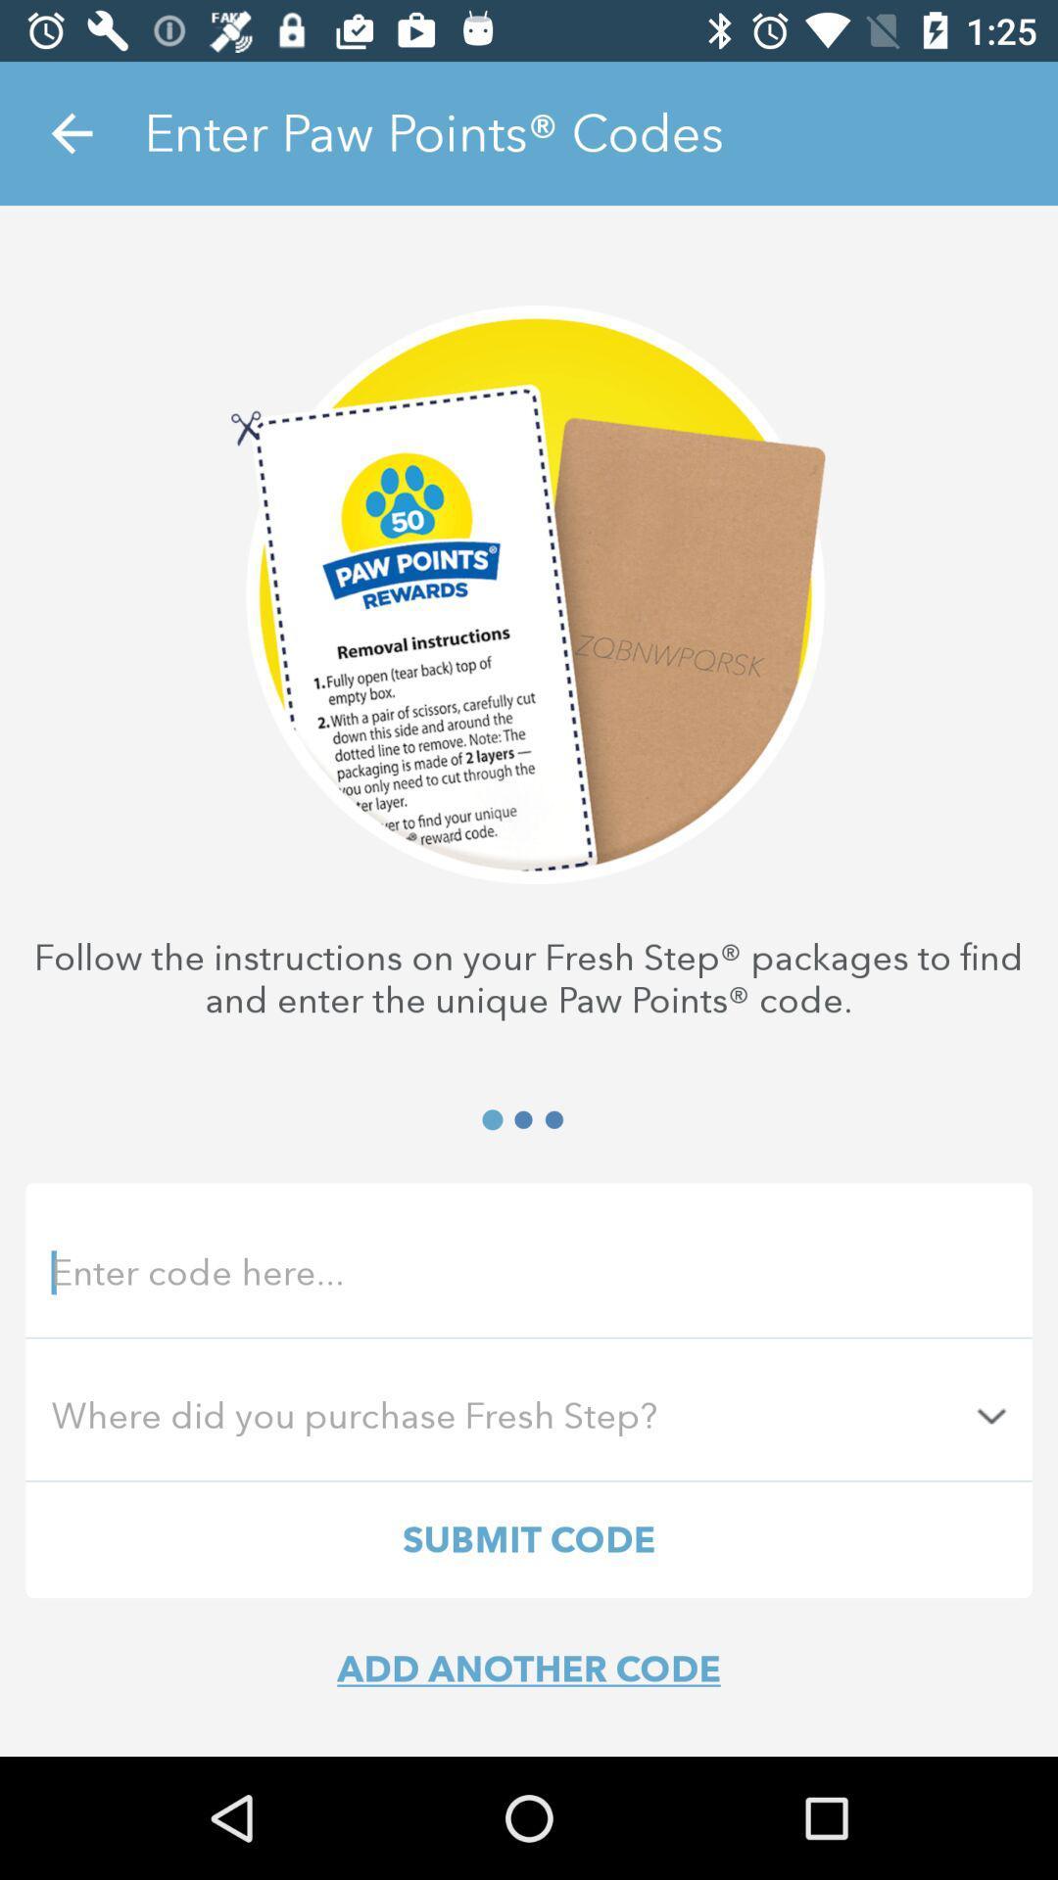 Image resolution: width=1058 pixels, height=1880 pixels. I want to click on the submit code icon, so click(529, 1538).